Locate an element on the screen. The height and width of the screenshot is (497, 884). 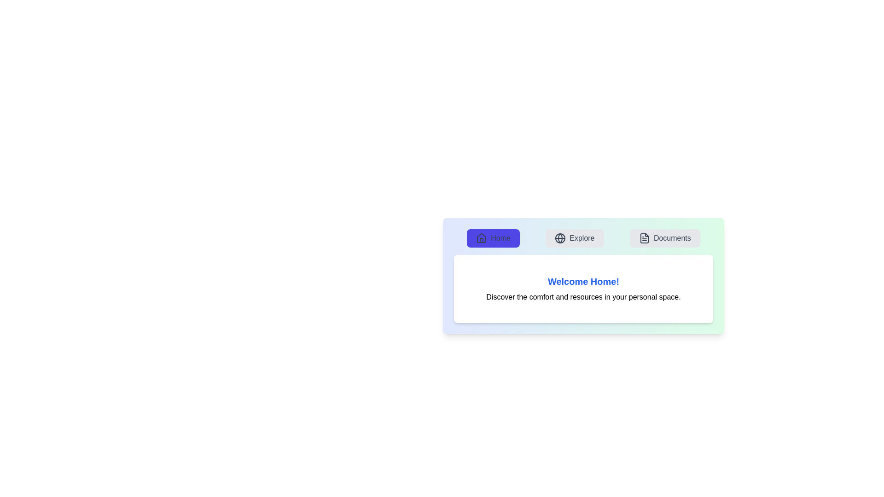
the text in the active tab's content area and copy it to the clipboard is located at coordinates (583, 289).